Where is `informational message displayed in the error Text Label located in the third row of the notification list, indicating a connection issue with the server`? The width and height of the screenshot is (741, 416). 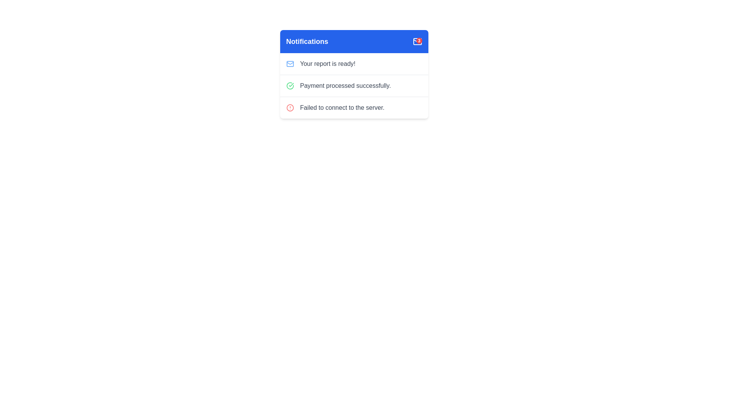 informational message displayed in the error Text Label located in the third row of the notification list, indicating a connection issue with the server is located at coordinates (342, 108).